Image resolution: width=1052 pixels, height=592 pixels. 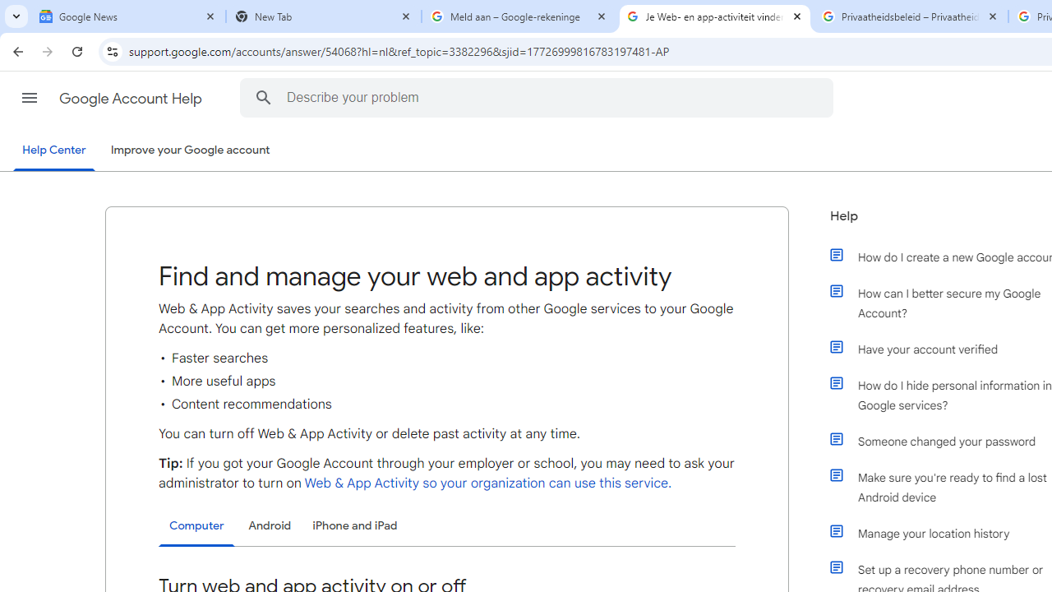 What do you see at coordinates (127, 16) in the screenshot?
I see `'Google News'` at bounding box center [127, 16].